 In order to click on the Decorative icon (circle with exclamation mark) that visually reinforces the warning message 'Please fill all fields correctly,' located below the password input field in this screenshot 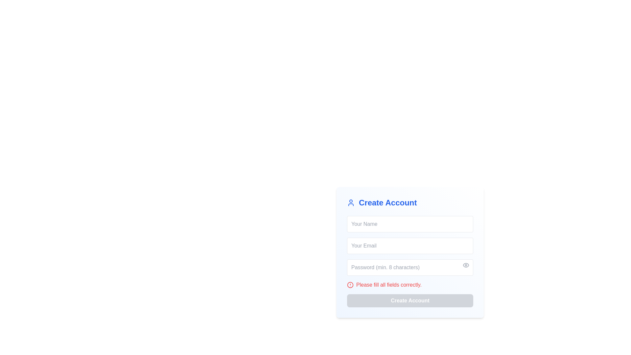, I will do `click(350, 285)`.